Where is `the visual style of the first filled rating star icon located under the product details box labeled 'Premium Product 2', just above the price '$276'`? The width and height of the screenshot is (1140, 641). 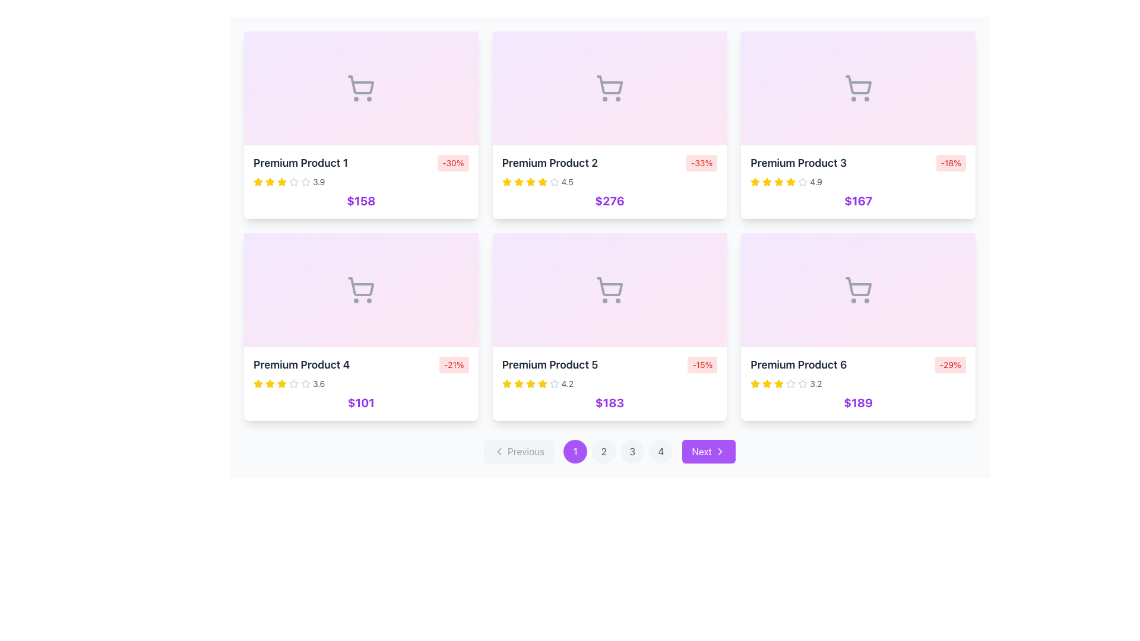
the visual style of the first filled rating star icon located under the product details box labeled 'Premium Product 2', just above the price '$276' is located at coordinates (506, 182).